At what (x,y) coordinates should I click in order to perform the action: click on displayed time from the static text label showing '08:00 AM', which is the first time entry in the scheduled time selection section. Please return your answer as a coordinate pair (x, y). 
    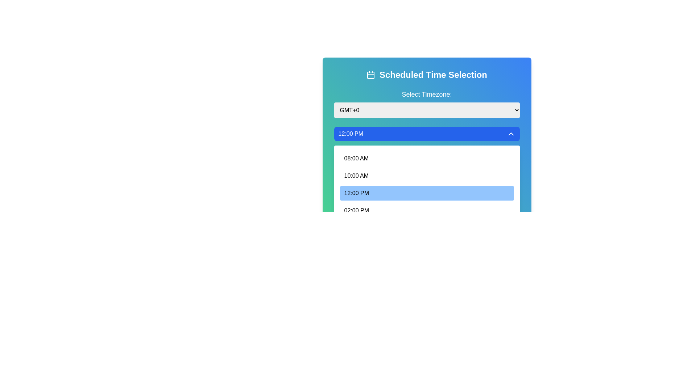
    Looking at the image, I should click on (356, 158).